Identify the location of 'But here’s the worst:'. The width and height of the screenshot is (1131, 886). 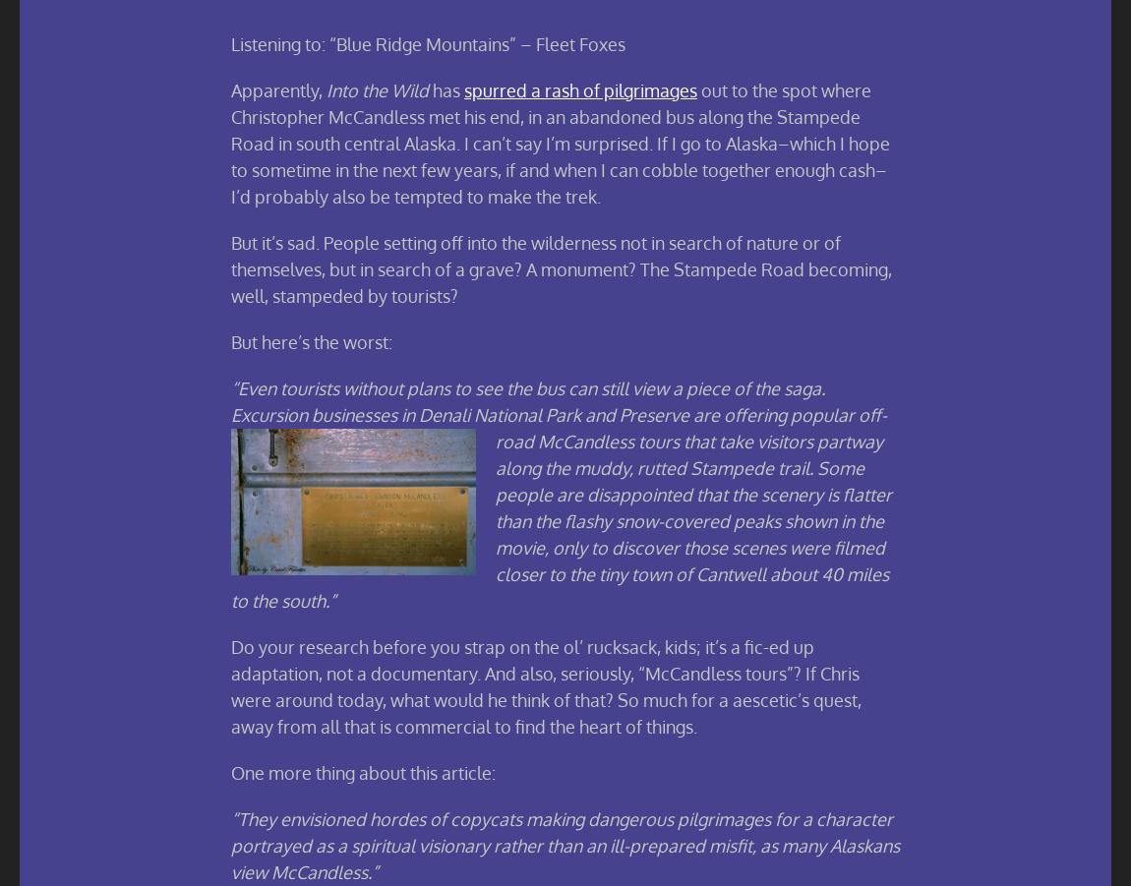
(312, 340).